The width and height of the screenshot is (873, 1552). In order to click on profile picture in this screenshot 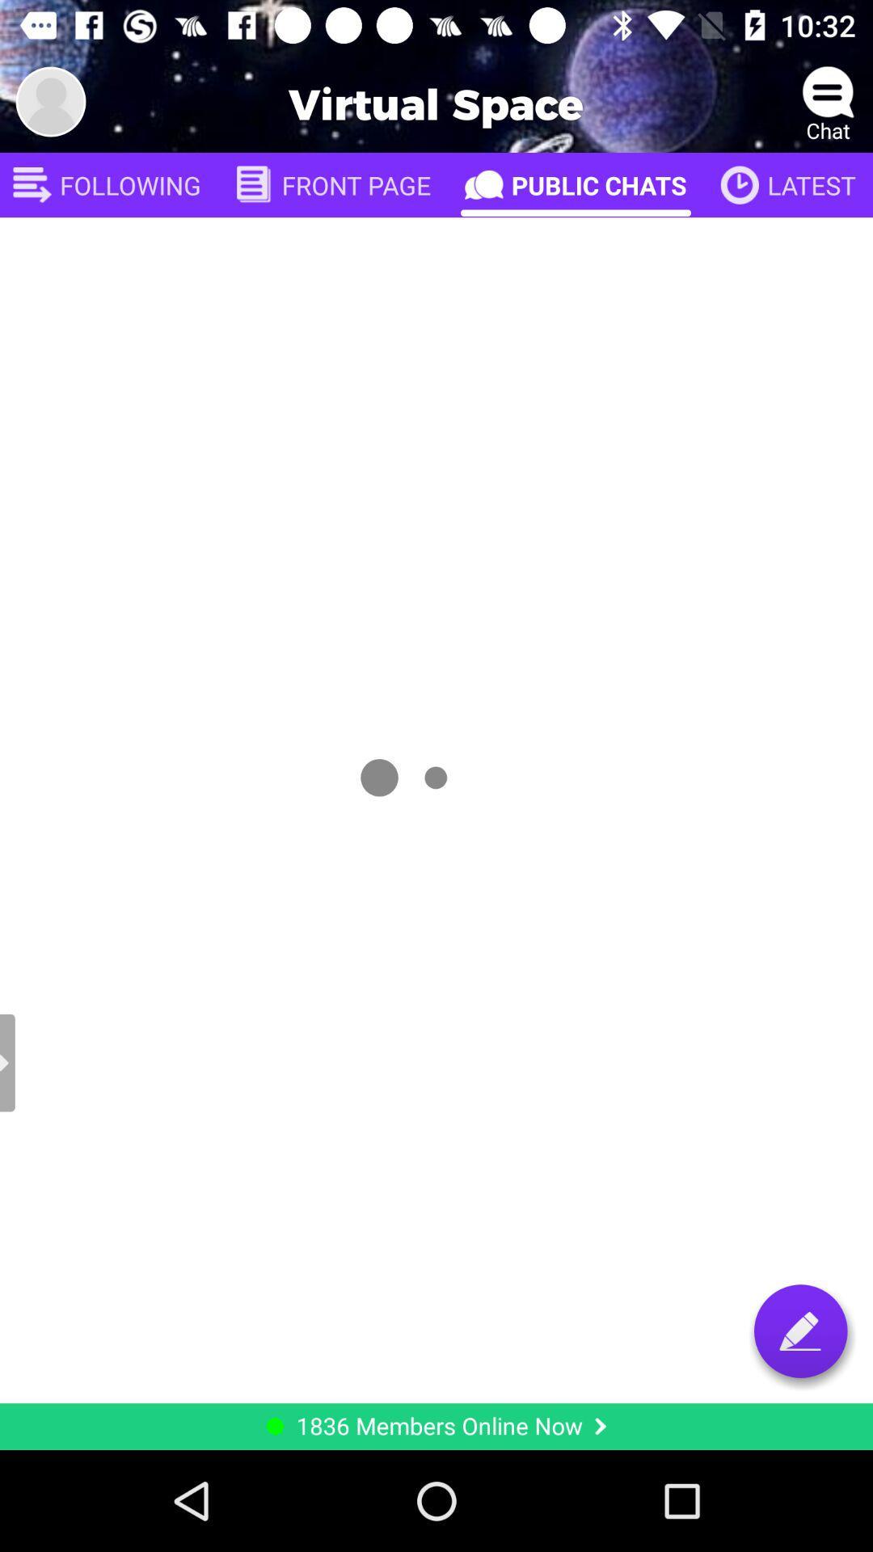, I will do `click(49, 100)`.